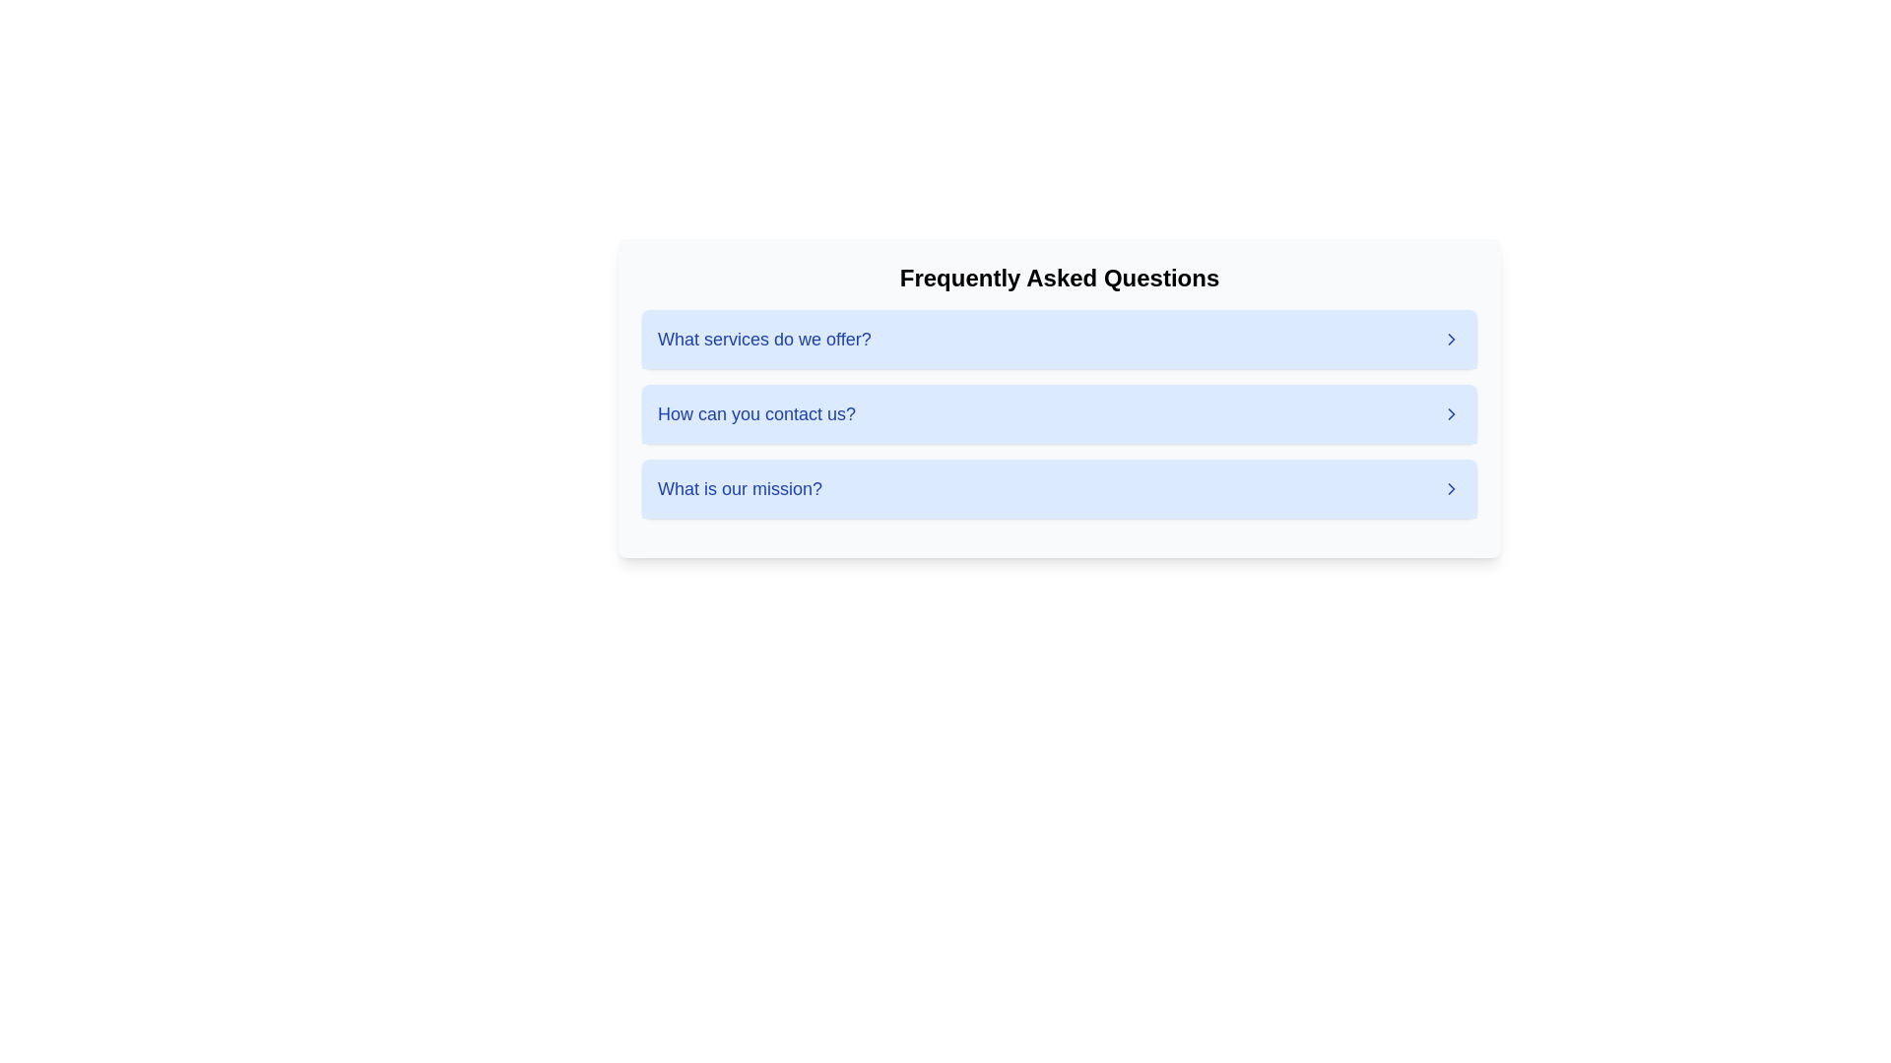  I want to click on the text header 'How can you contact us?' which is centrally aligned within the second item of the 'Frequently Asked Questions' list, so click(755, 412).